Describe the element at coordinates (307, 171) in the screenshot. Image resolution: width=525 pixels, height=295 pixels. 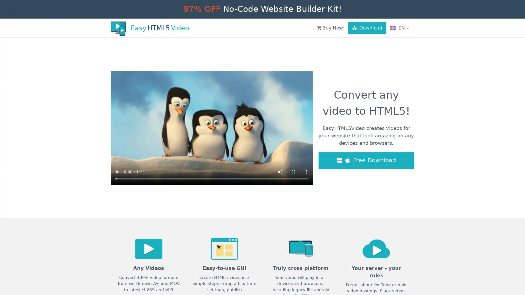
I see `show more media controls` at that location.